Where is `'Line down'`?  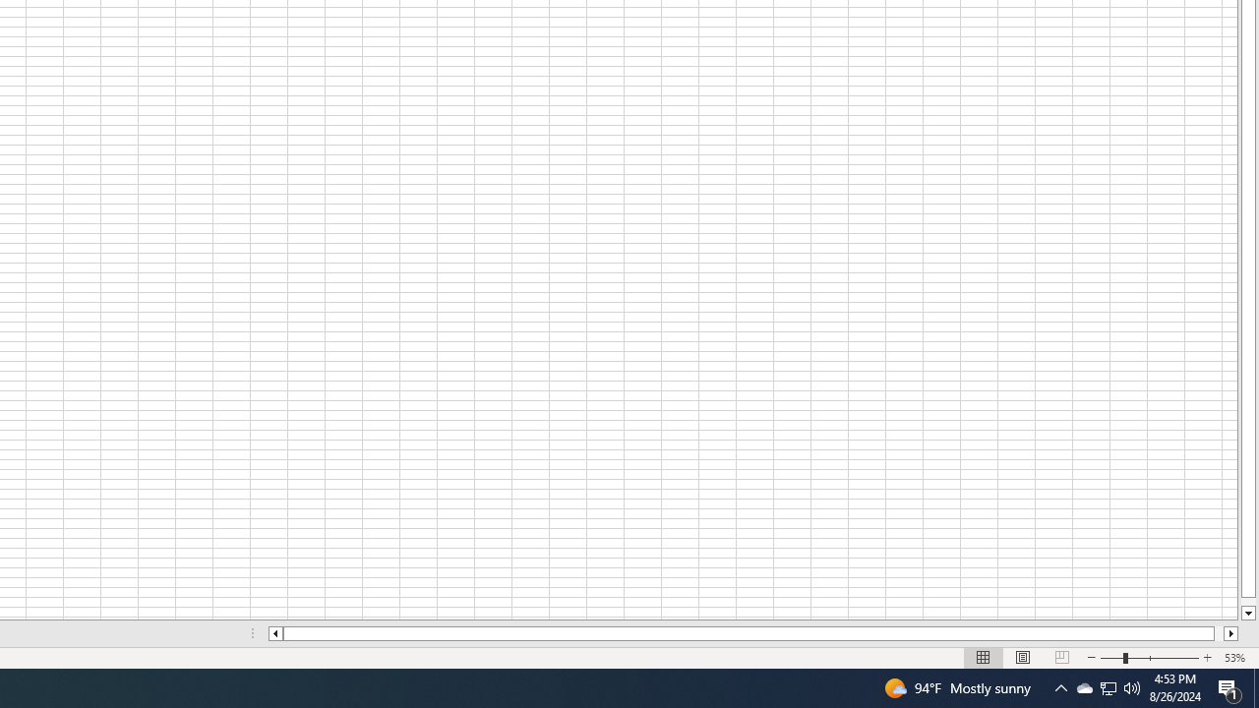 'Line down' is located at coordinates (1247, 613).